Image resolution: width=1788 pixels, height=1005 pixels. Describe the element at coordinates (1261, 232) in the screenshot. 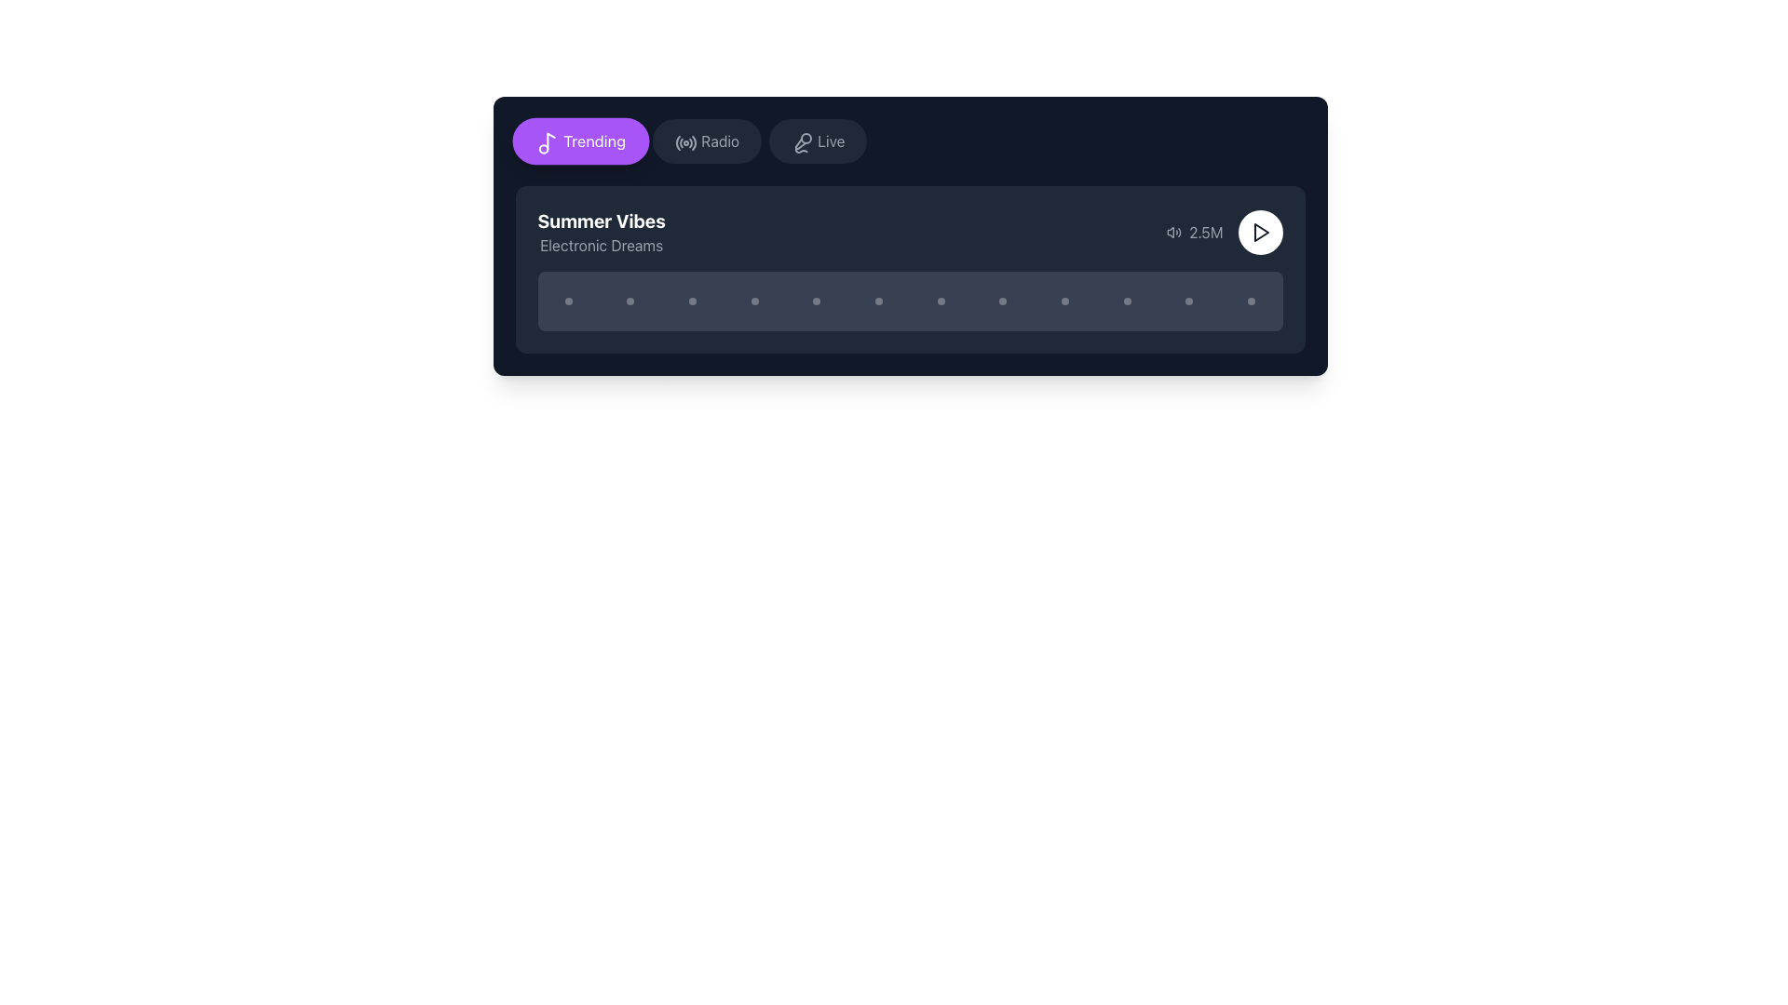

I see `the triangular play button in the upper-right region of the music player card interface to initiate playback` at that location.